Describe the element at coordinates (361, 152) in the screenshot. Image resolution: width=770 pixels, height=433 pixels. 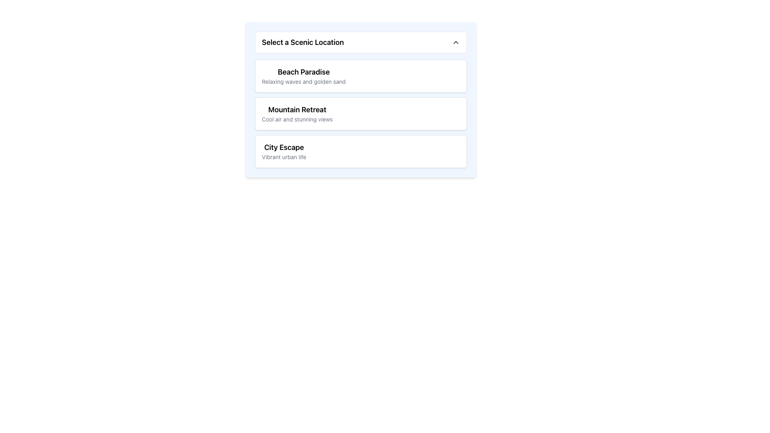
I see `on the third selectable option labeled 'City Escape'` at that location.